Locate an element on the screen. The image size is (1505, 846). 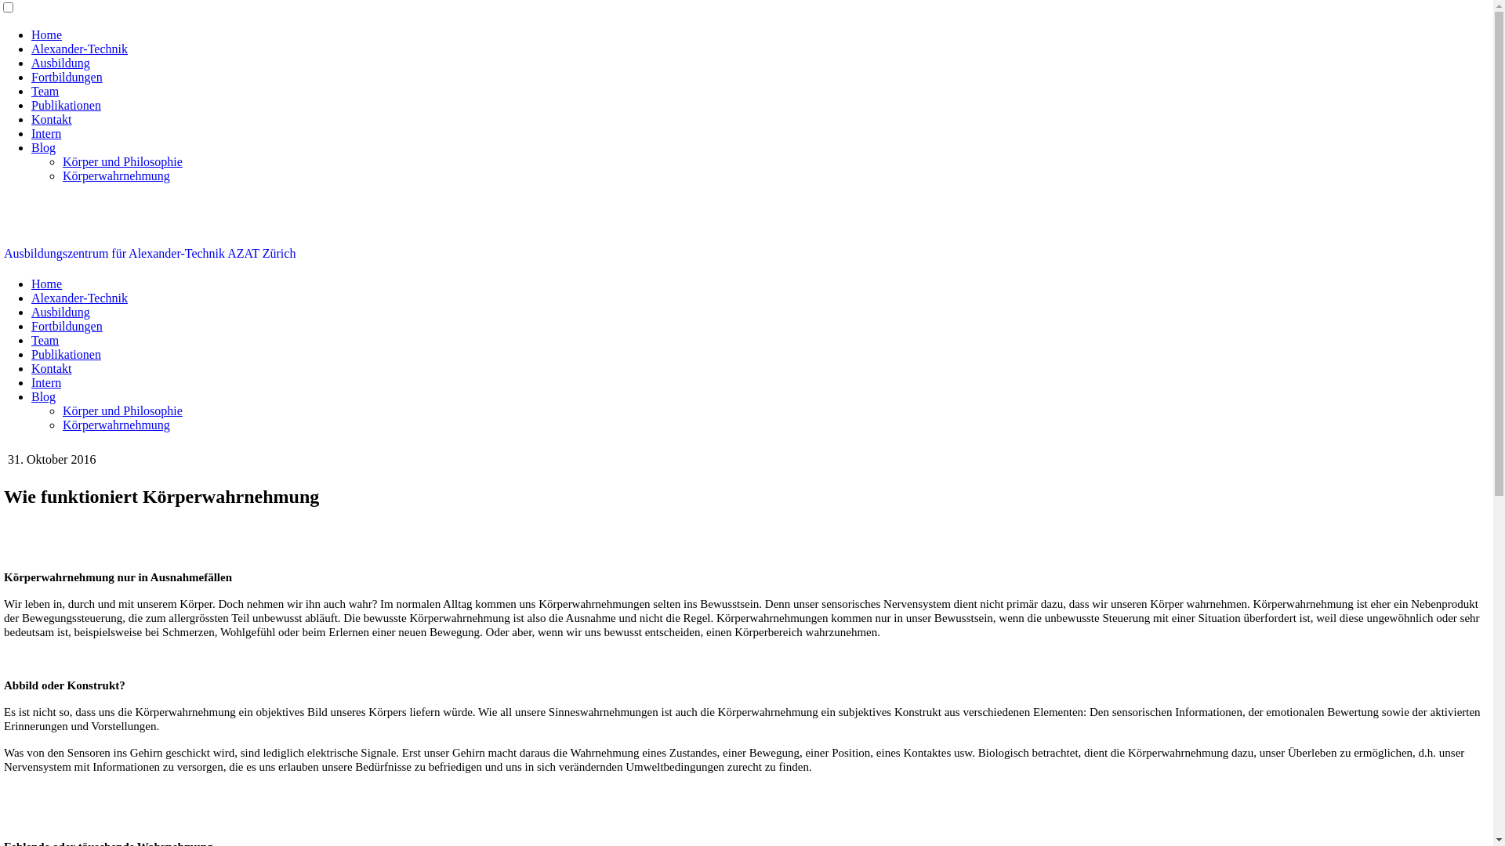
'Team' is located at coordinates (45, 339).